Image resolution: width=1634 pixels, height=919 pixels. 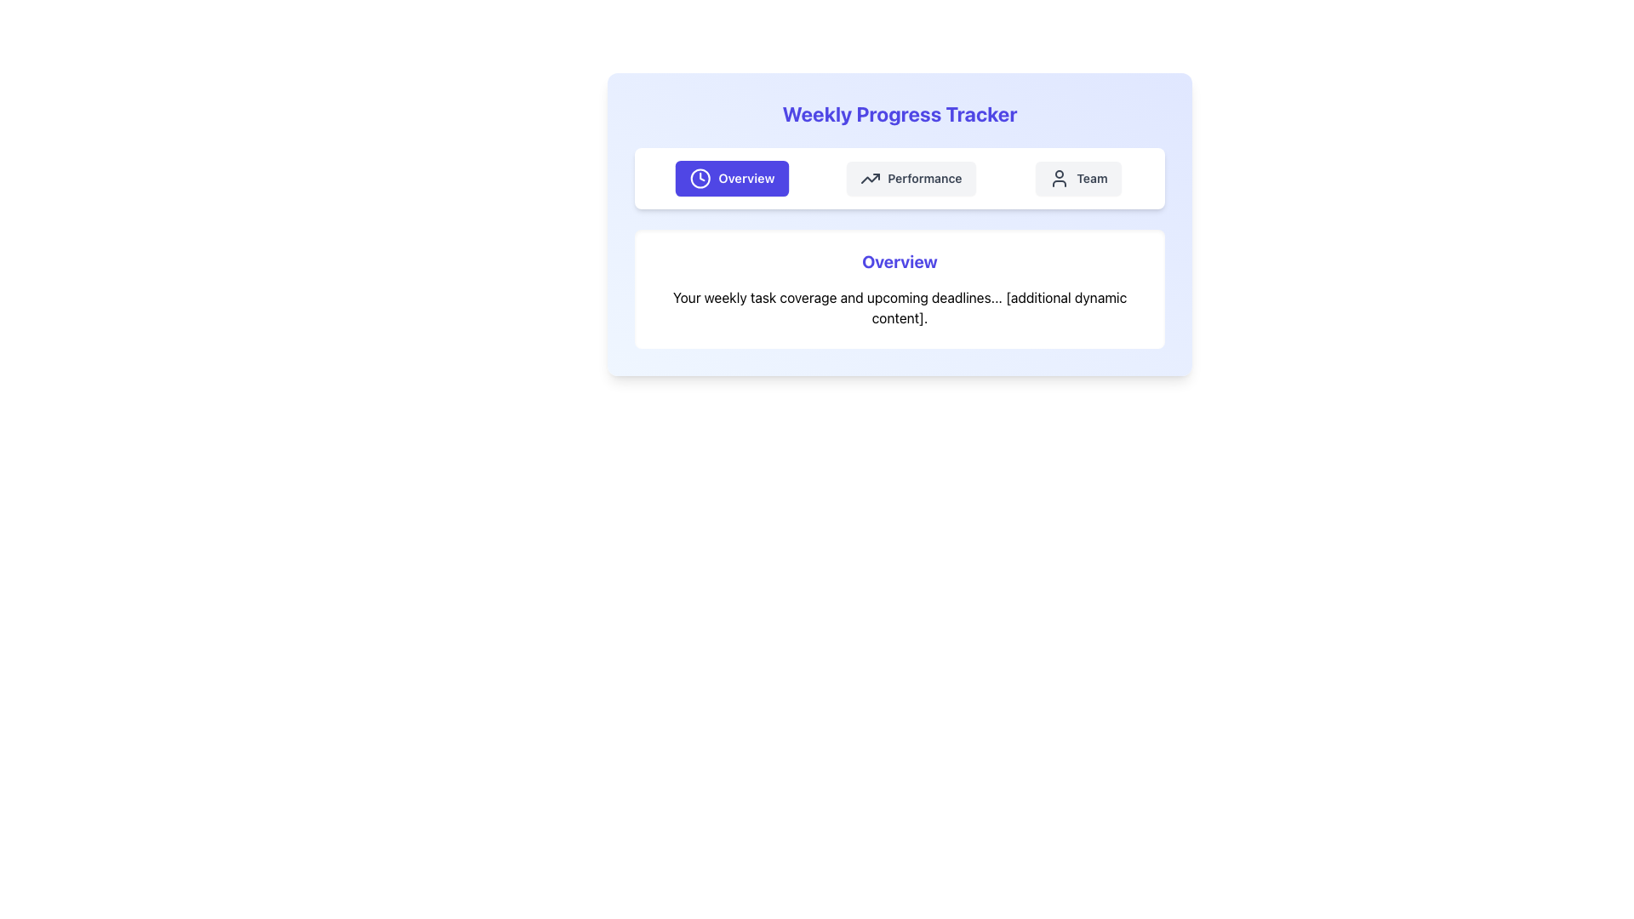 I want to click on displayed text of the prominent header labeled 'Overview', which is in bold, extra-large indigo typography and is positioned above a descriptive text block, so click(x=899, y=262).